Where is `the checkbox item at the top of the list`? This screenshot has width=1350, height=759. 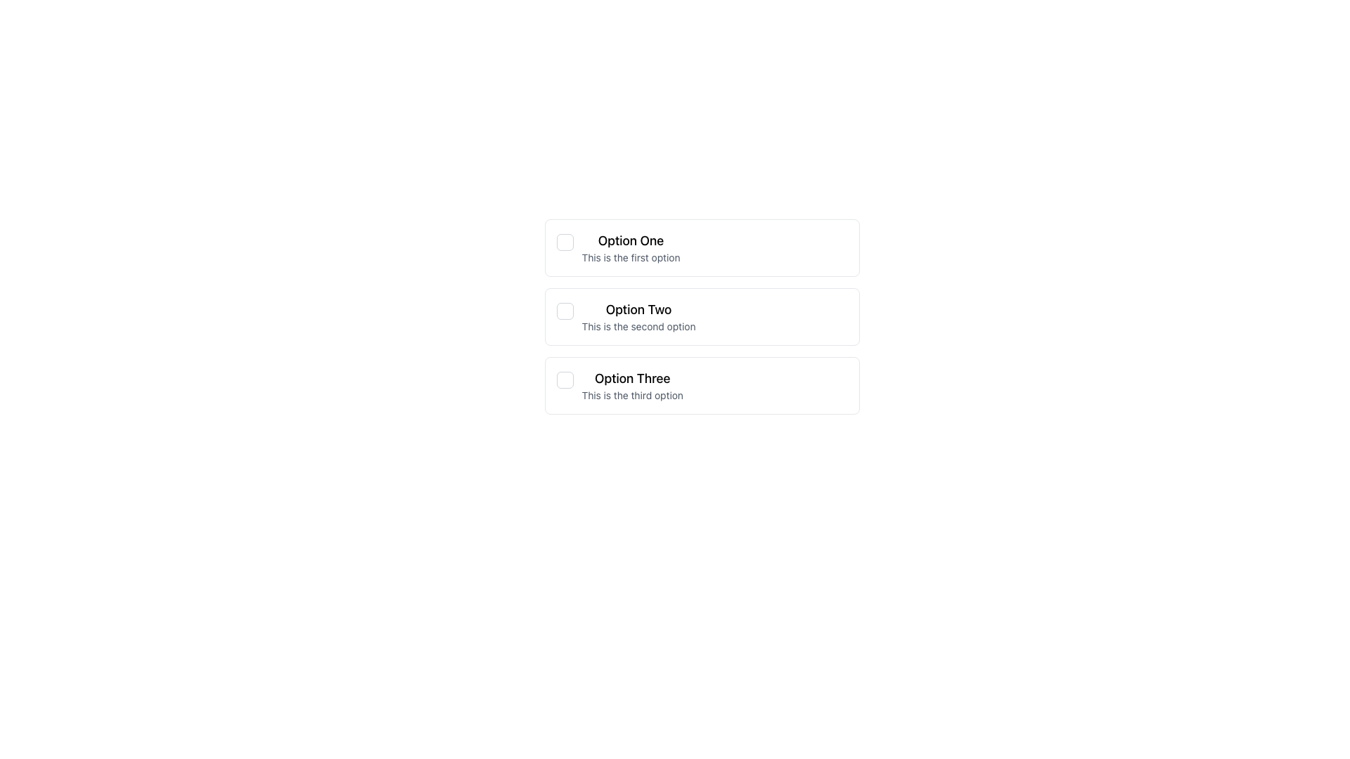
the checkbox item at the top of the list is located at coordinates (702, 247).